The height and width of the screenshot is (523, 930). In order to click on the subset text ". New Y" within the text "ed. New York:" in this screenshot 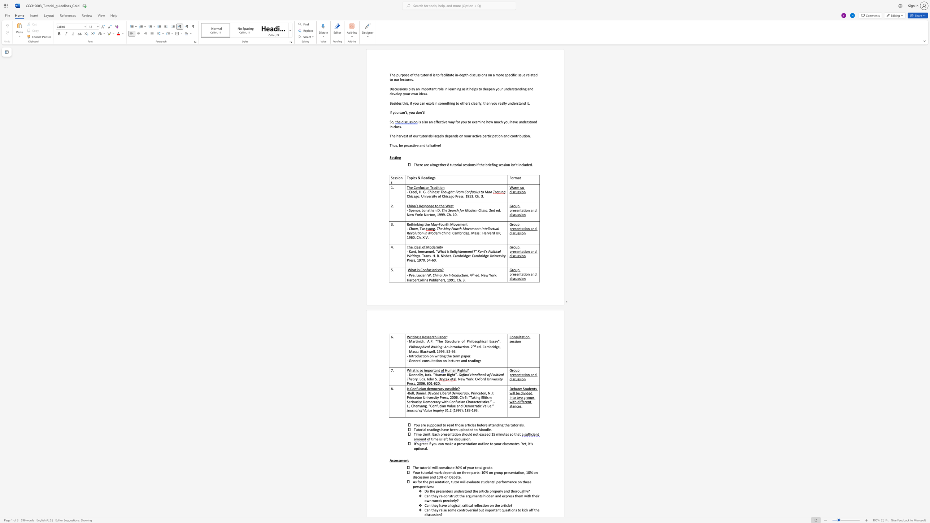, I will do `click(479, 275)`.